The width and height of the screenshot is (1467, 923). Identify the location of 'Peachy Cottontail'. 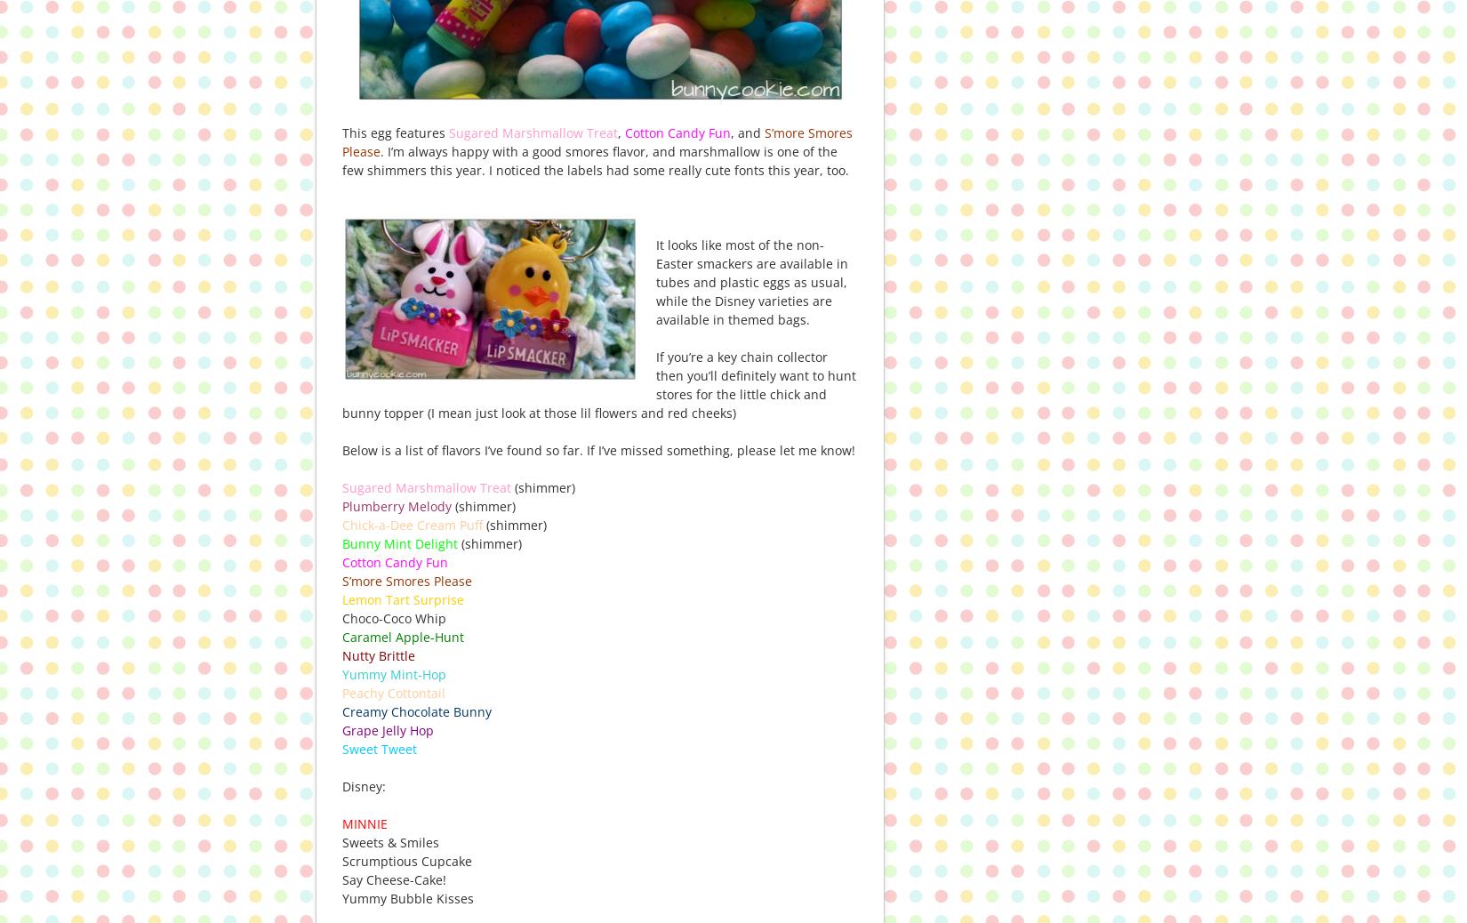
(341, 691).